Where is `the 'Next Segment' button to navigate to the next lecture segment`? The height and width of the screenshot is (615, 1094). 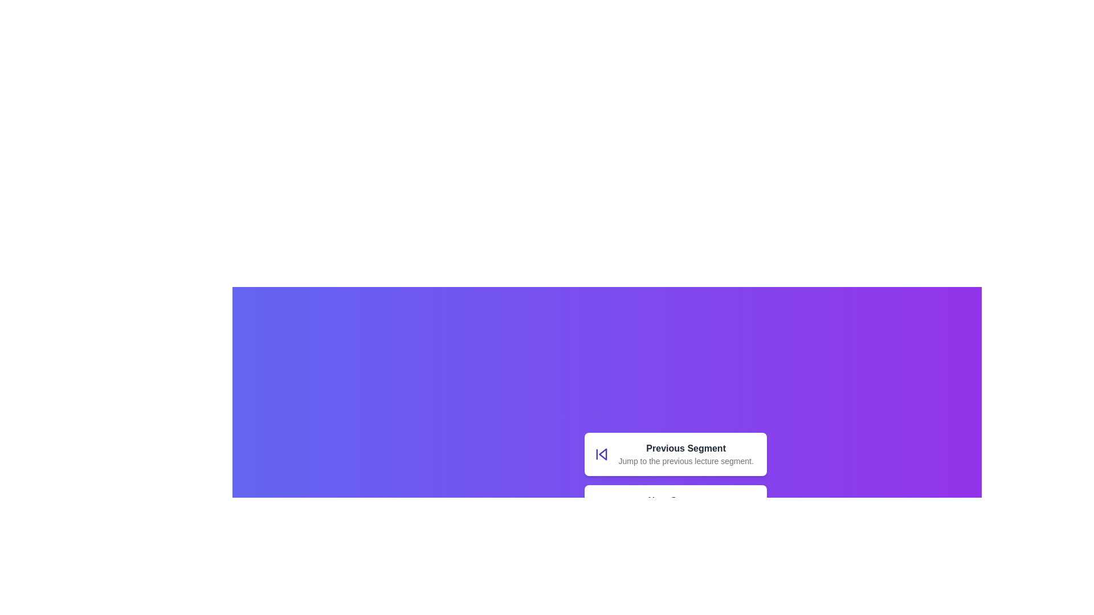
the 'Next Segment' button to navigate to the next lecture segment is located at coordinates (675, 506).